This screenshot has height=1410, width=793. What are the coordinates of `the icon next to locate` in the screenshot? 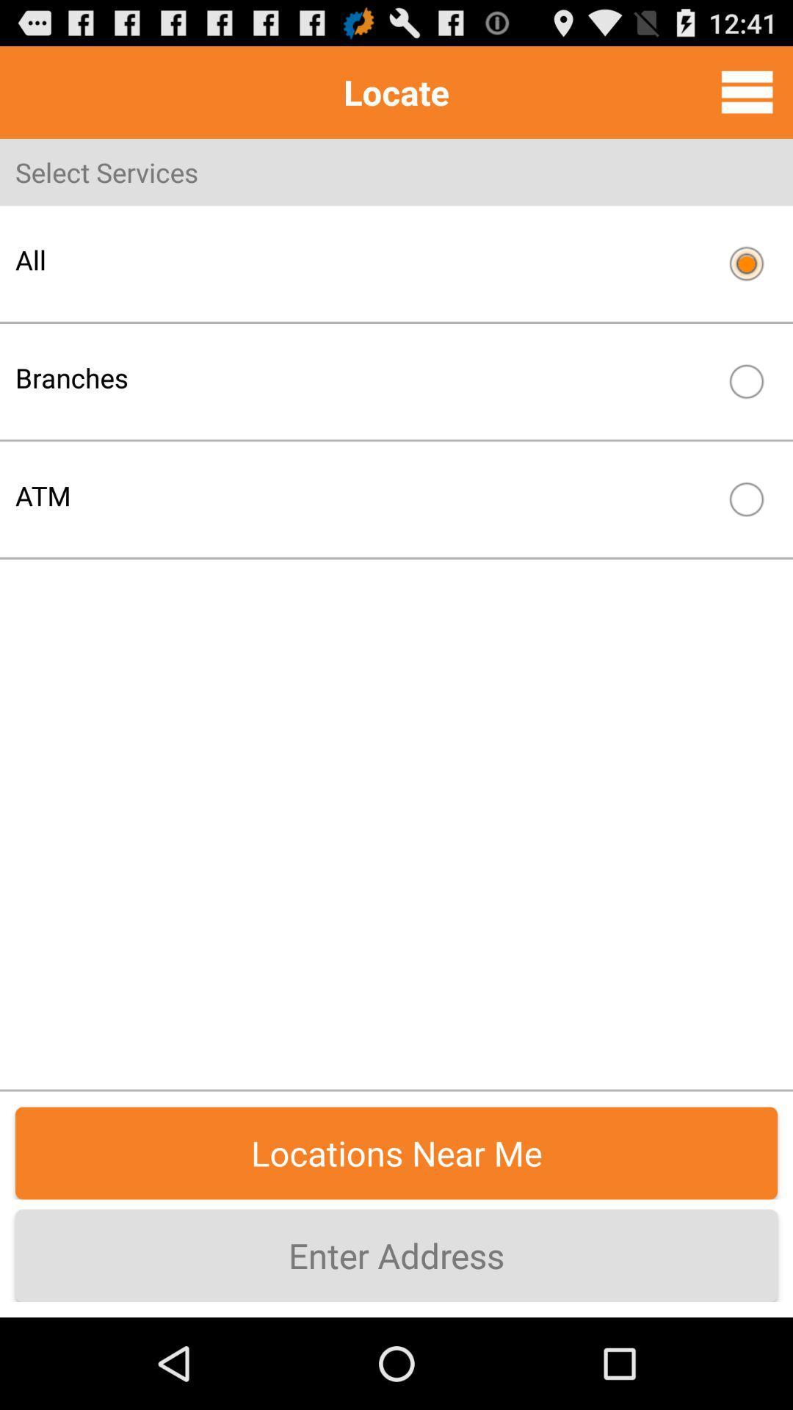 It's located at (747, 91).